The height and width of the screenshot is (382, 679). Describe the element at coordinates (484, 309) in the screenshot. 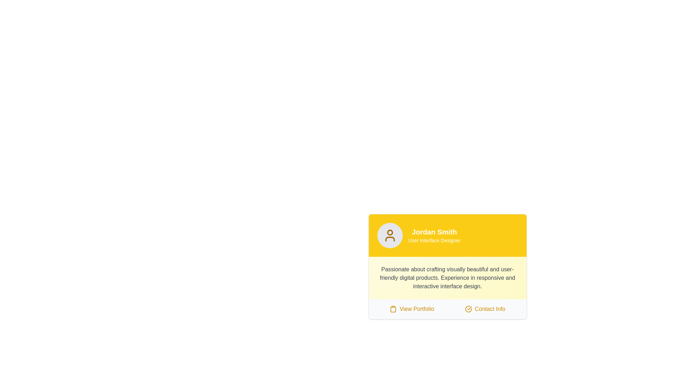

I see `the 'Contact Info' link/button, which features a yellow text label and a checked circle icon on its left, located to the right of the 'View Portfolio' item` at that location.